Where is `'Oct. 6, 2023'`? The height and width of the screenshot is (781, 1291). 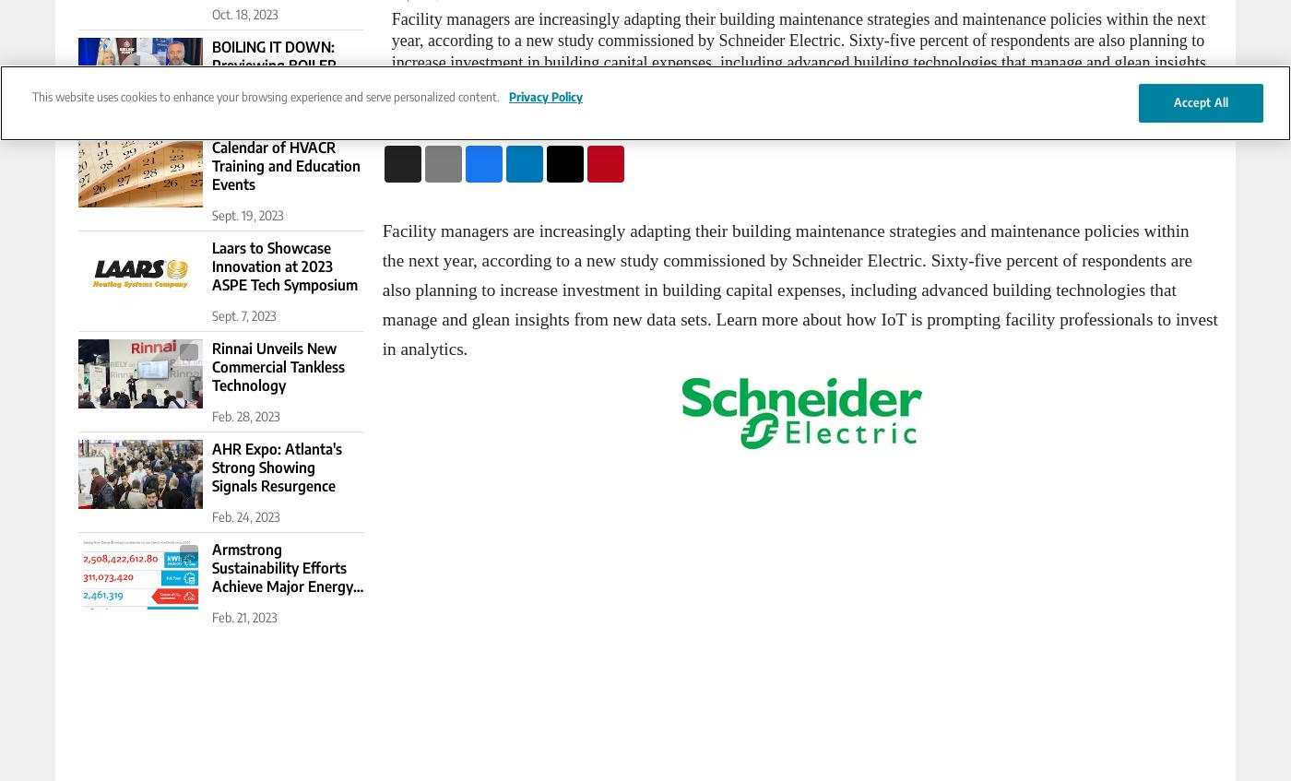
'Oct. 6, 2023' is located at coordinates (243, 113).